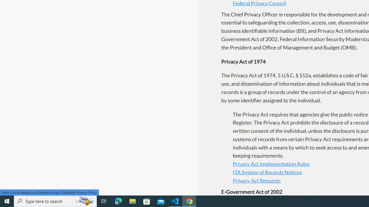  Describe the element at coordinates (267, 172) in the screenshot. I see `'ITA System of Records Notices'` at that location.